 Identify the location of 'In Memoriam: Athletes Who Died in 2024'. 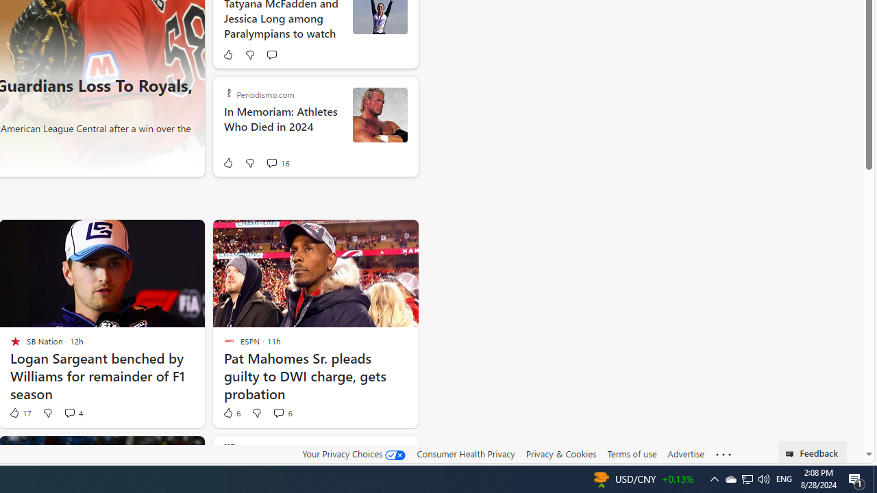
(282, 127).